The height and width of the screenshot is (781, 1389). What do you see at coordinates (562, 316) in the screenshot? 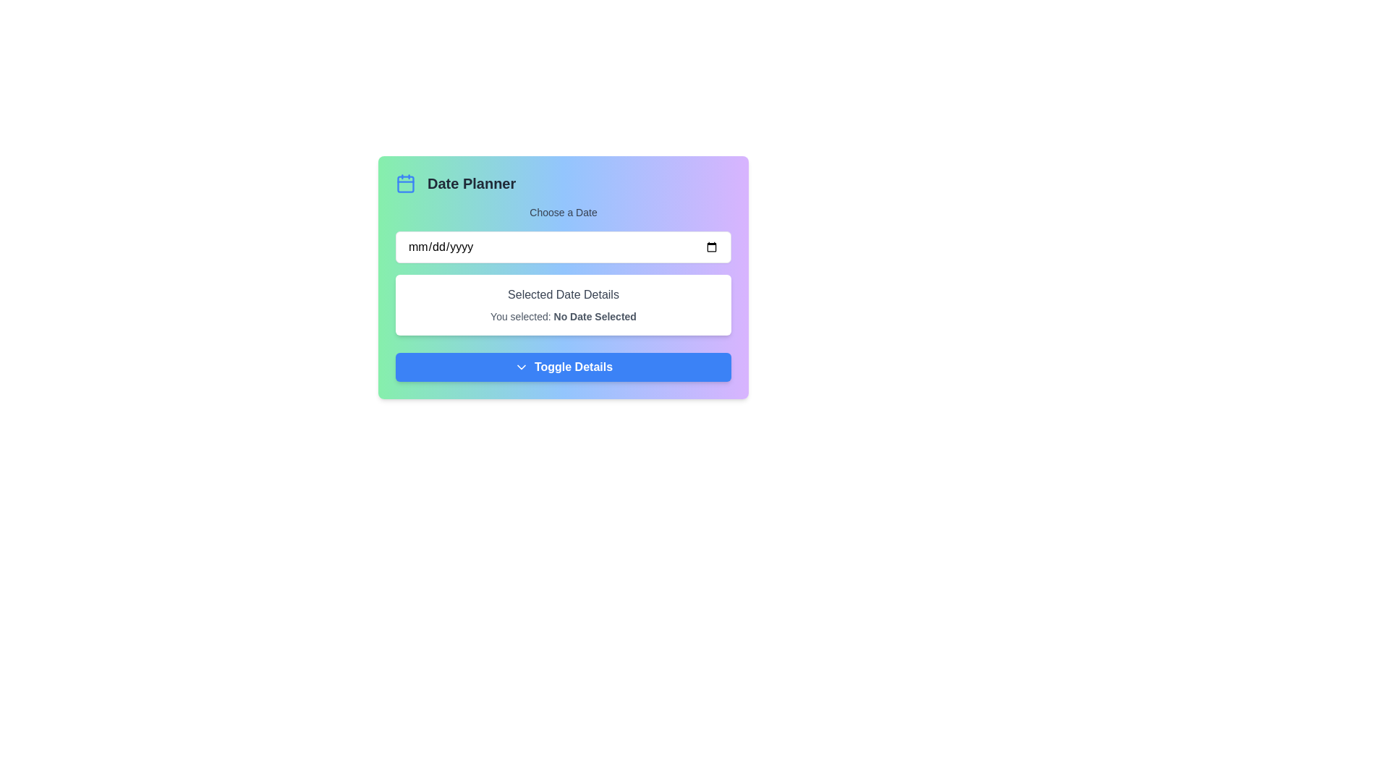
I see `the text label displaying the user's selected date, which indicates that no date is currently selected, and is positioned below the 'Selected Date Details' heading` at bounding box center [562, 316].